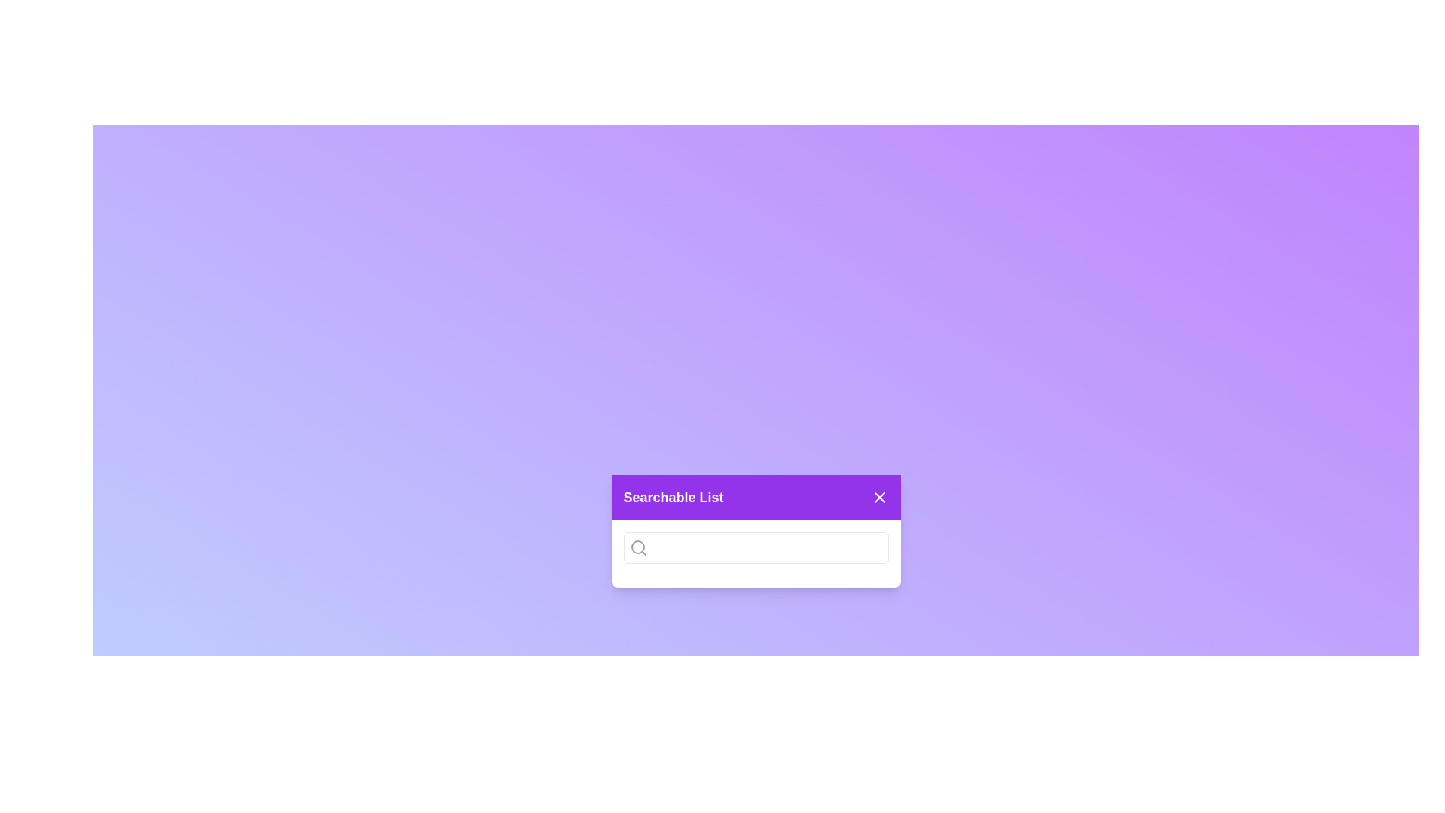 The height and width of the screenshot is (813, 1445). What do you see at coordinates (756, 548) in the screenshot?
I see `the input field to focus it` at bounding box center [756, 548].